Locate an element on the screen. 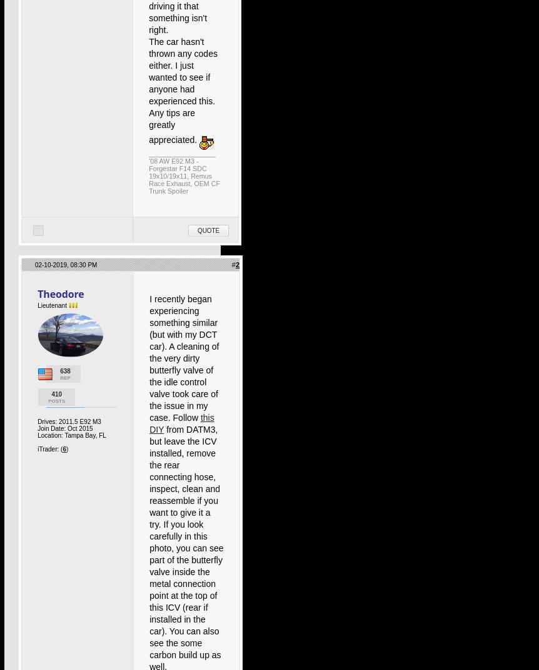 Image resolution: width=539 pixels, height=670 pixels. '6' is located at coordinates (63, 448).